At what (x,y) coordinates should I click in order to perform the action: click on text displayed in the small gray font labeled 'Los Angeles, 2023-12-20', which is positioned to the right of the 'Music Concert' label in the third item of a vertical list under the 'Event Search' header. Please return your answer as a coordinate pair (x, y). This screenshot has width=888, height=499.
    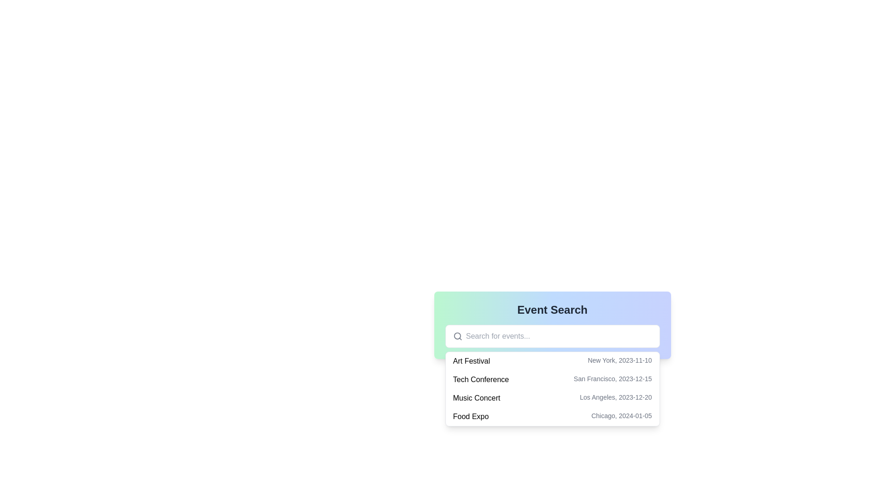
    Looking at the image, I should click on (616, 397).